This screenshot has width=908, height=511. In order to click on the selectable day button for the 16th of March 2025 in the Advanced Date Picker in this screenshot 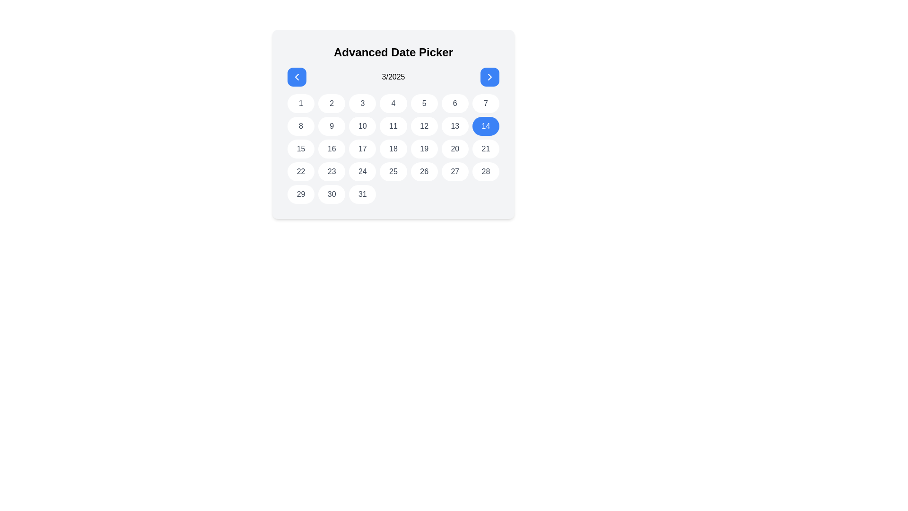, I will do `click(332, 149)`.